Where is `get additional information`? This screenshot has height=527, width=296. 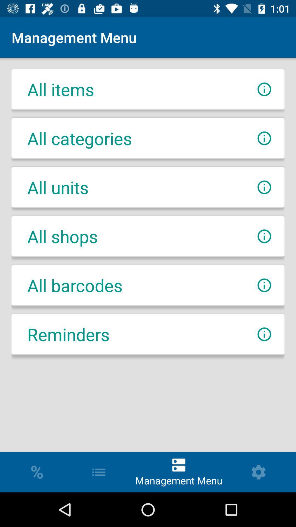 get additional information is located at coordinates (264, 187).